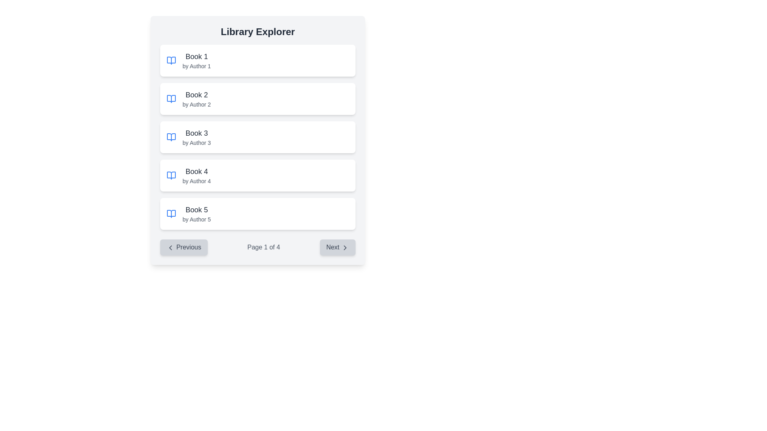 The image size is (767, 431). I want to click on the open book icon located beside the text 'Book 5' and 'by Author 5' in the fifth position of the vertical list, so click(171, 214).